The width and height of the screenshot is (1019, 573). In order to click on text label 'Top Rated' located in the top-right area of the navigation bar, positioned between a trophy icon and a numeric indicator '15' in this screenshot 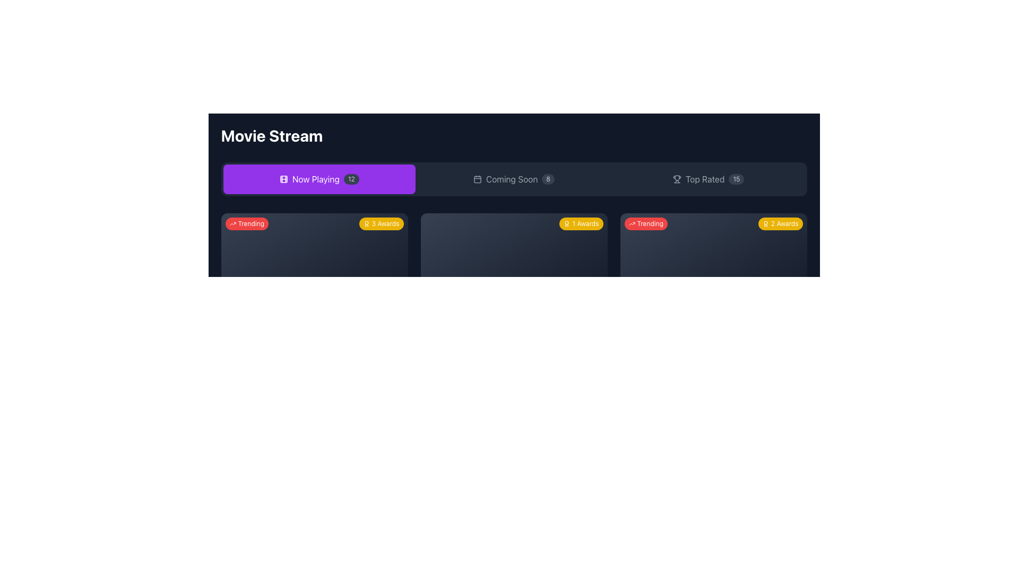, I will do `click(705, 179)`.